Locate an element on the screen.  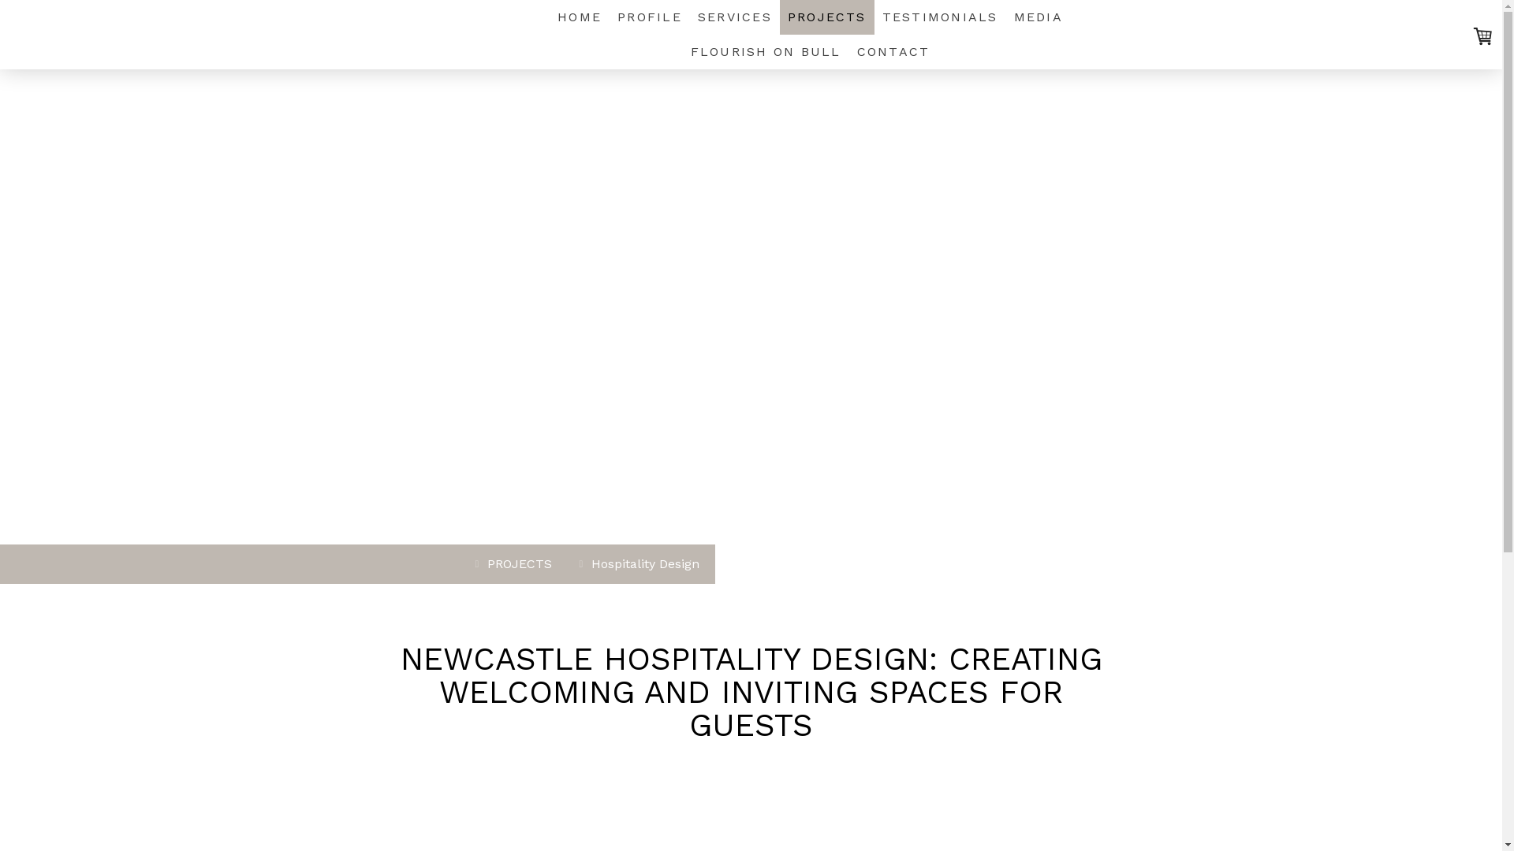
'SERVICES' is located at coordinates (733, 17).